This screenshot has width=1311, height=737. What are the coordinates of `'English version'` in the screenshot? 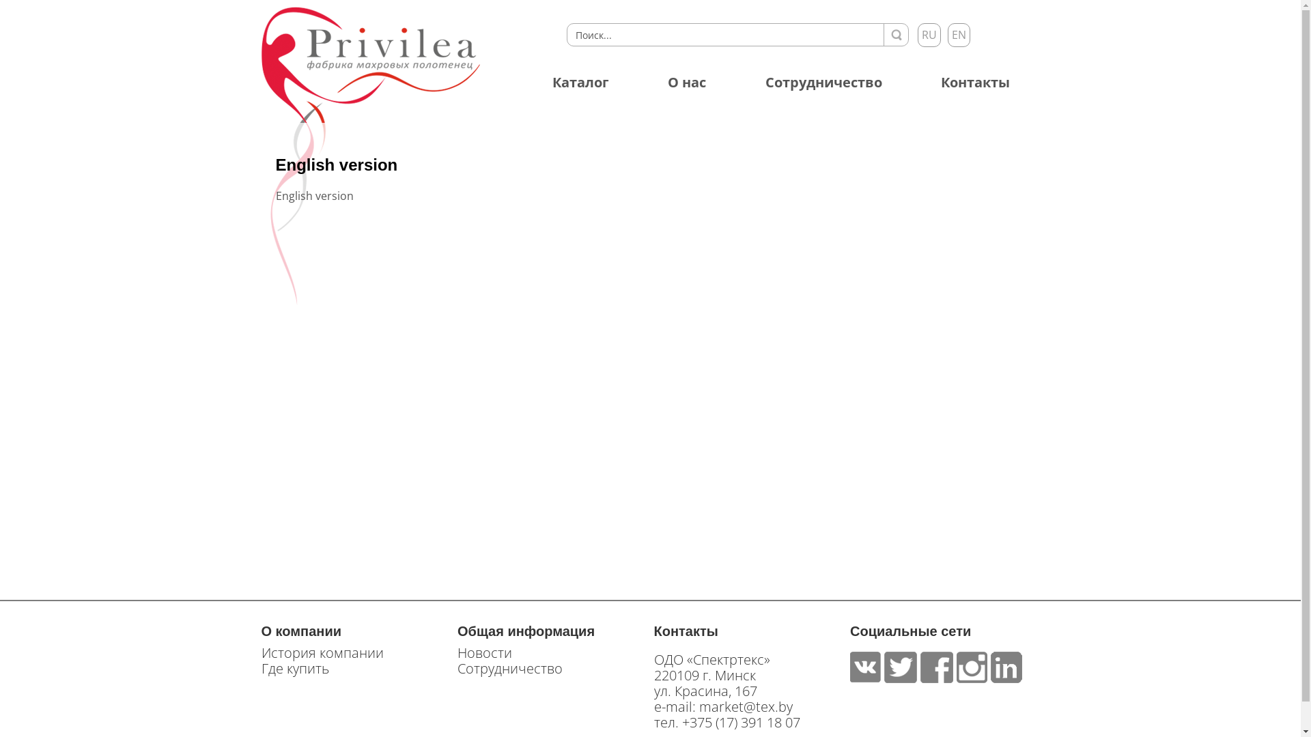 It's located at (337, 164).